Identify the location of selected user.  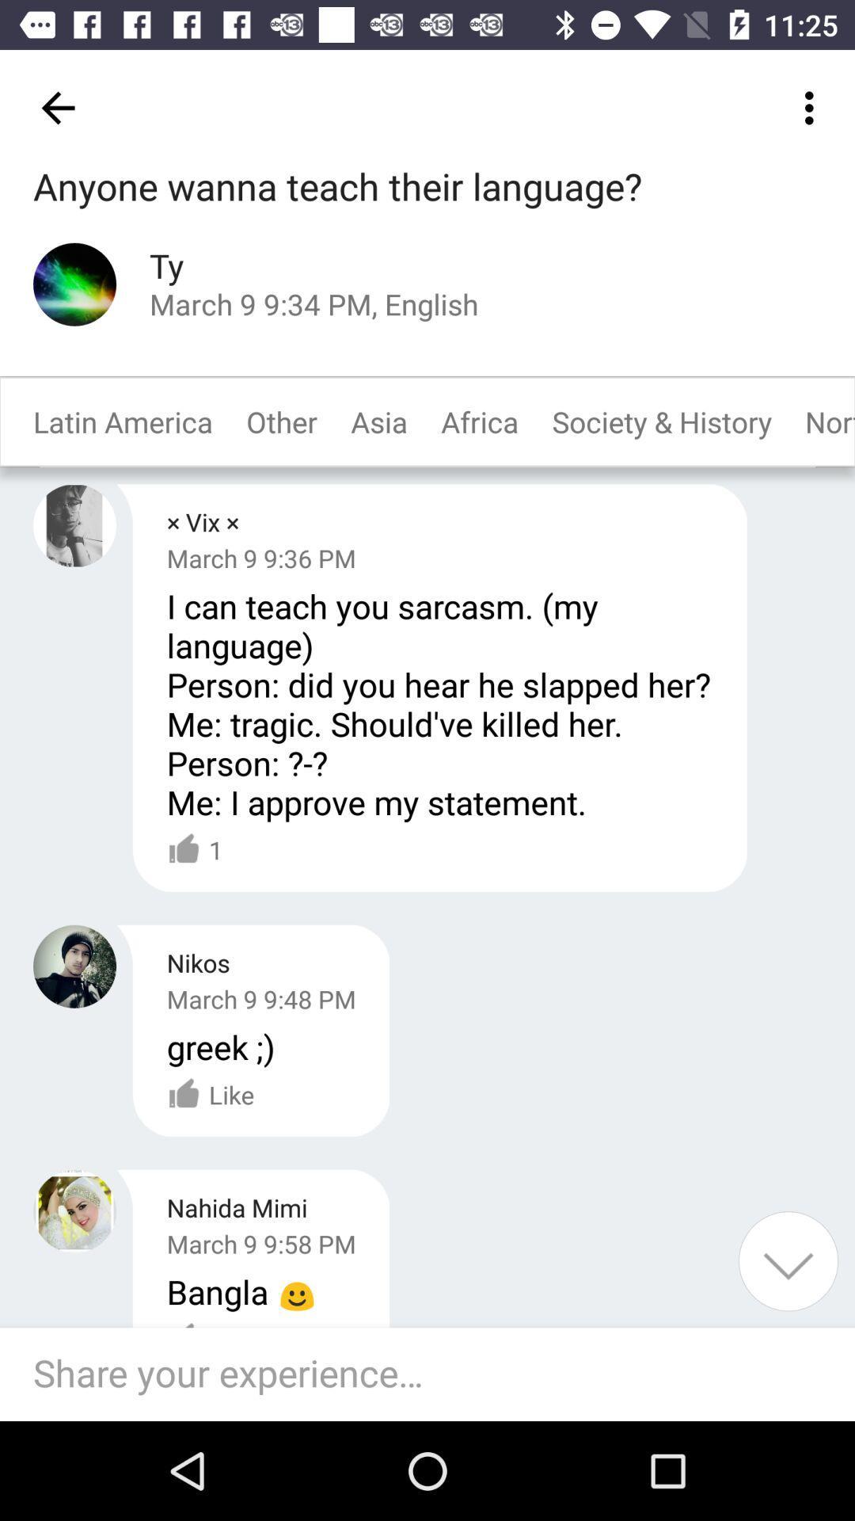
(74, 1210).